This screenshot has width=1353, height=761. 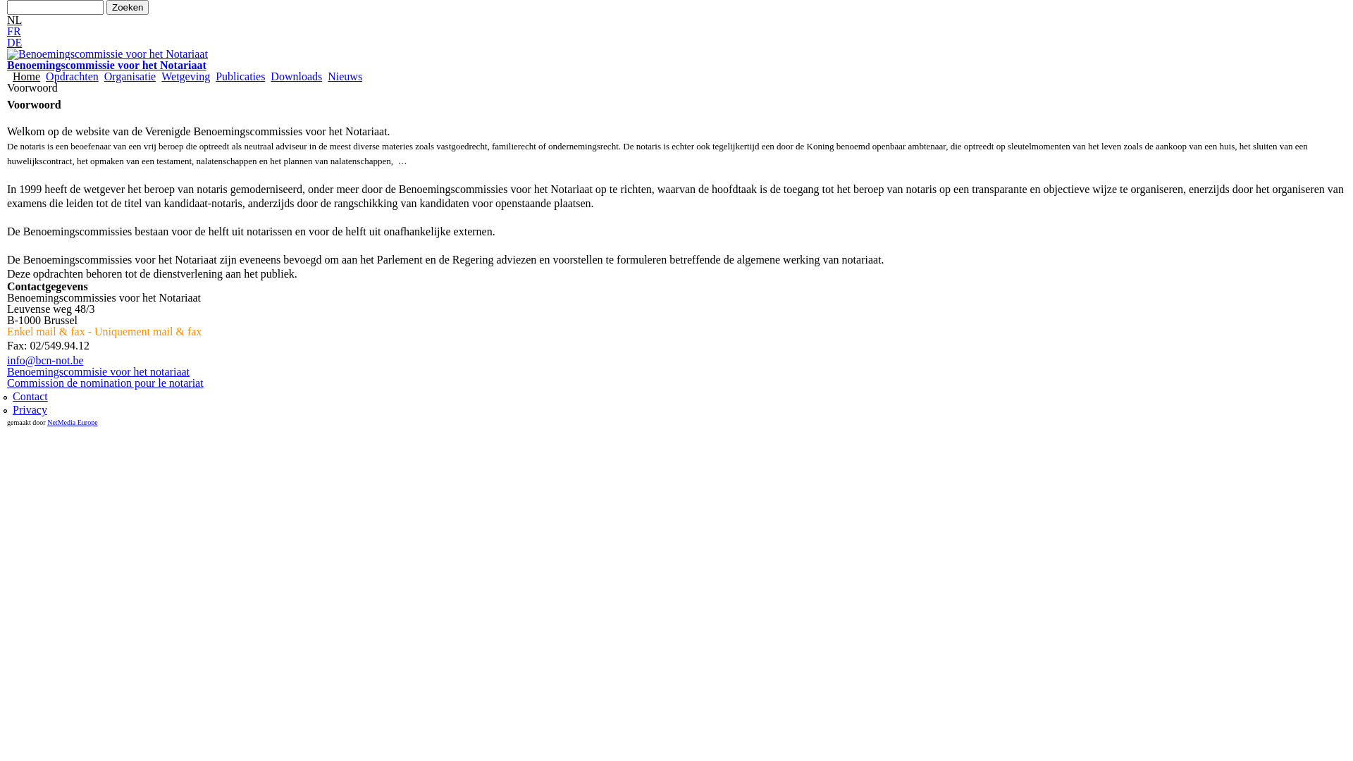 I want to click on 'Benoemingscommissie voor het Notariaat', so click(x=106, y=53).